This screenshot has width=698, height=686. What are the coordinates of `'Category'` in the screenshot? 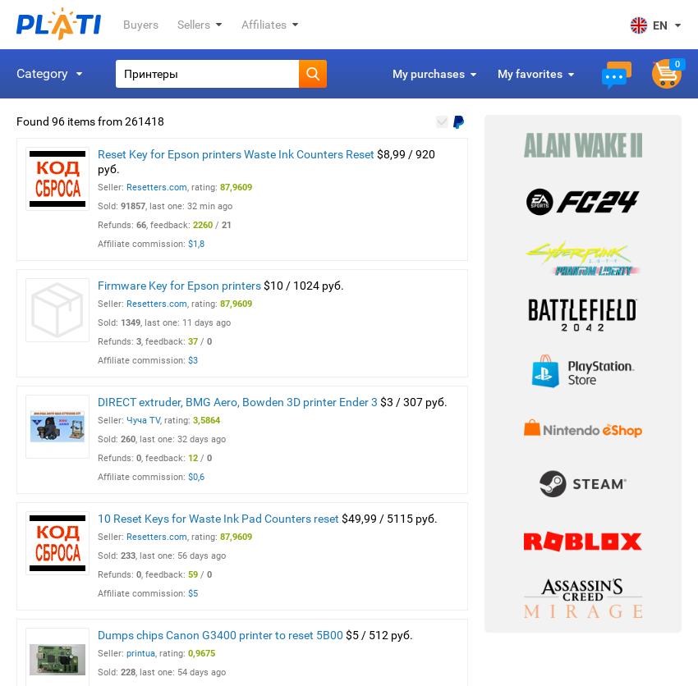 It's located at (42, 73).